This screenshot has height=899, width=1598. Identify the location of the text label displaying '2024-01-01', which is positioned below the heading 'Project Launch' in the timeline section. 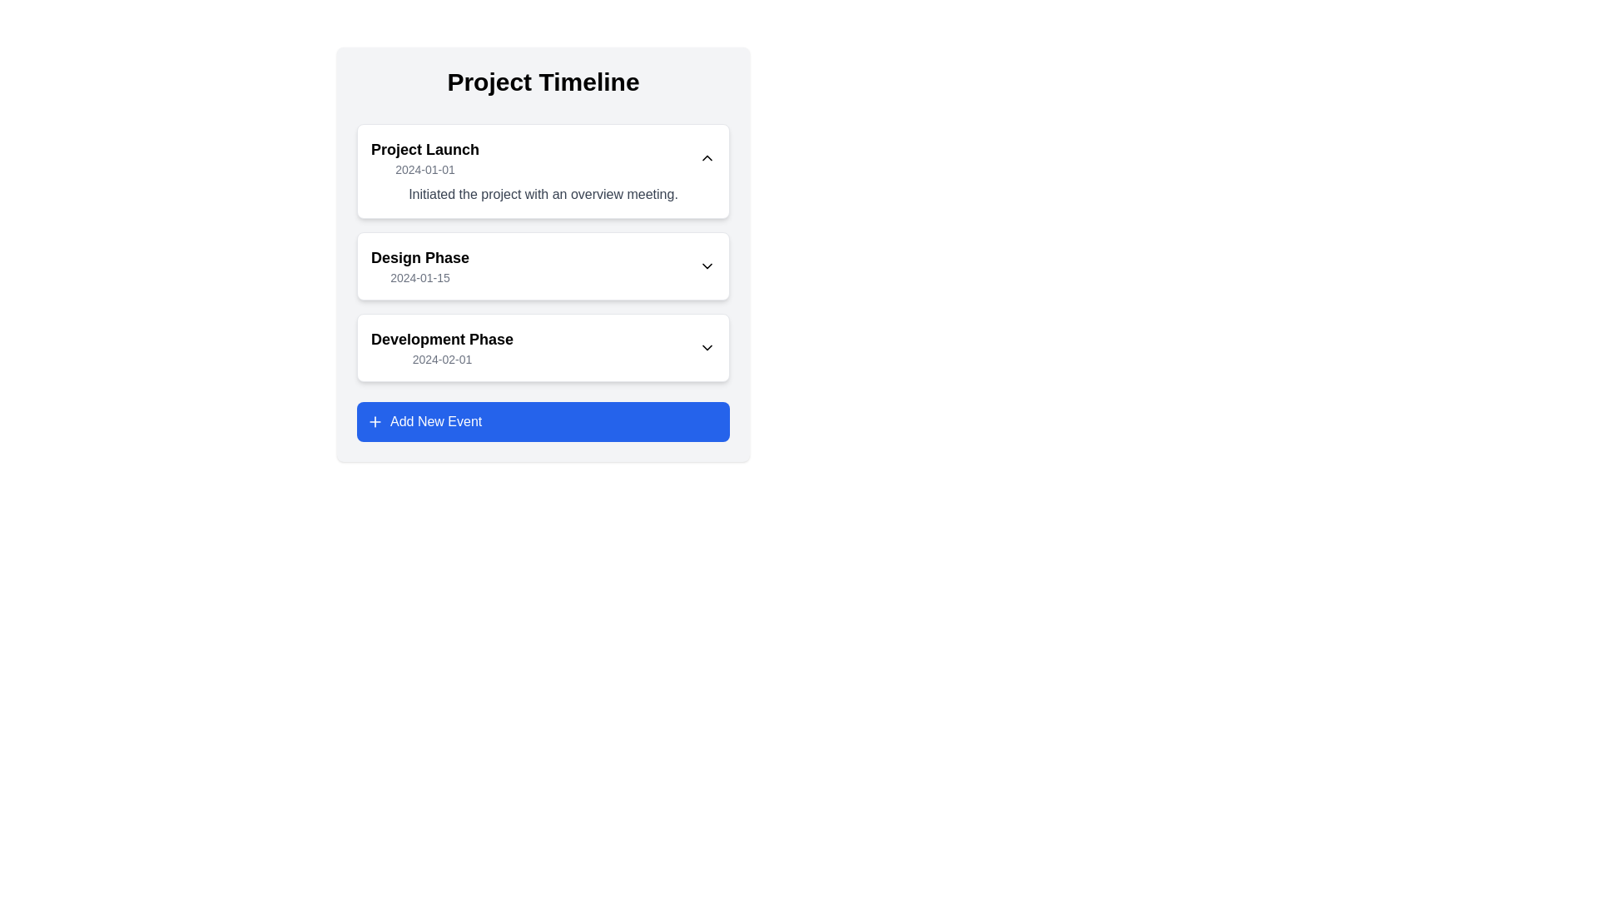
(425, 170).